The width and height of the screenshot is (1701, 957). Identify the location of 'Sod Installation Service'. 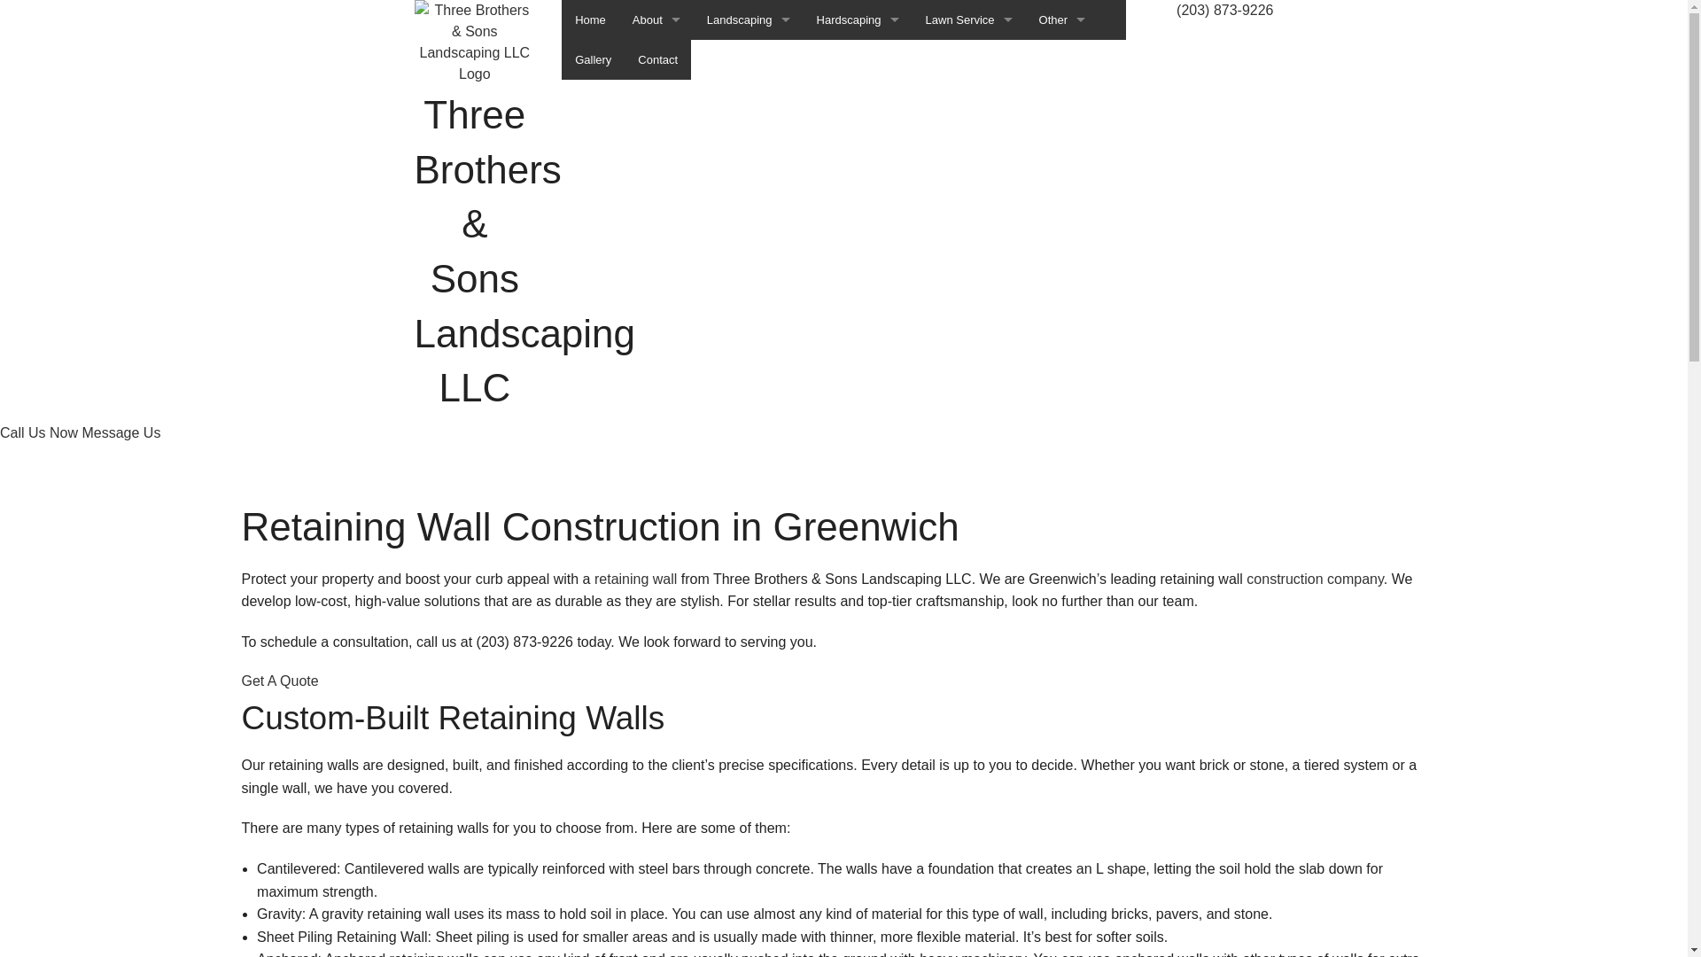
(1025, 776).